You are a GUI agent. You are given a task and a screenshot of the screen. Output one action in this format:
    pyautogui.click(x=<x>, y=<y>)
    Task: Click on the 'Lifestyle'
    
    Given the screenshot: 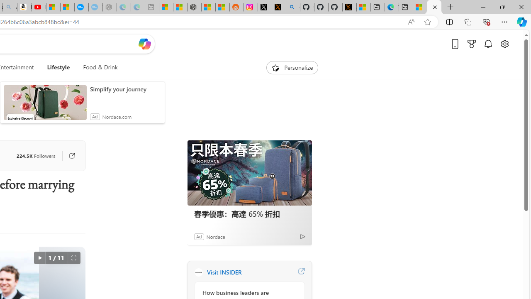 What is the action you would take?
    pyautogui.click(x=58, y=67)
    